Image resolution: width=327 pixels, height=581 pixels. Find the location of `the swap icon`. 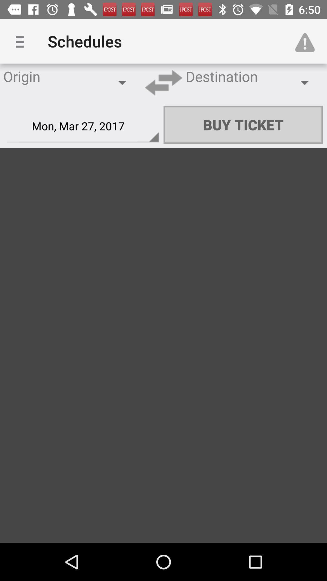

the swap icon is located at coordinates (163, 82).